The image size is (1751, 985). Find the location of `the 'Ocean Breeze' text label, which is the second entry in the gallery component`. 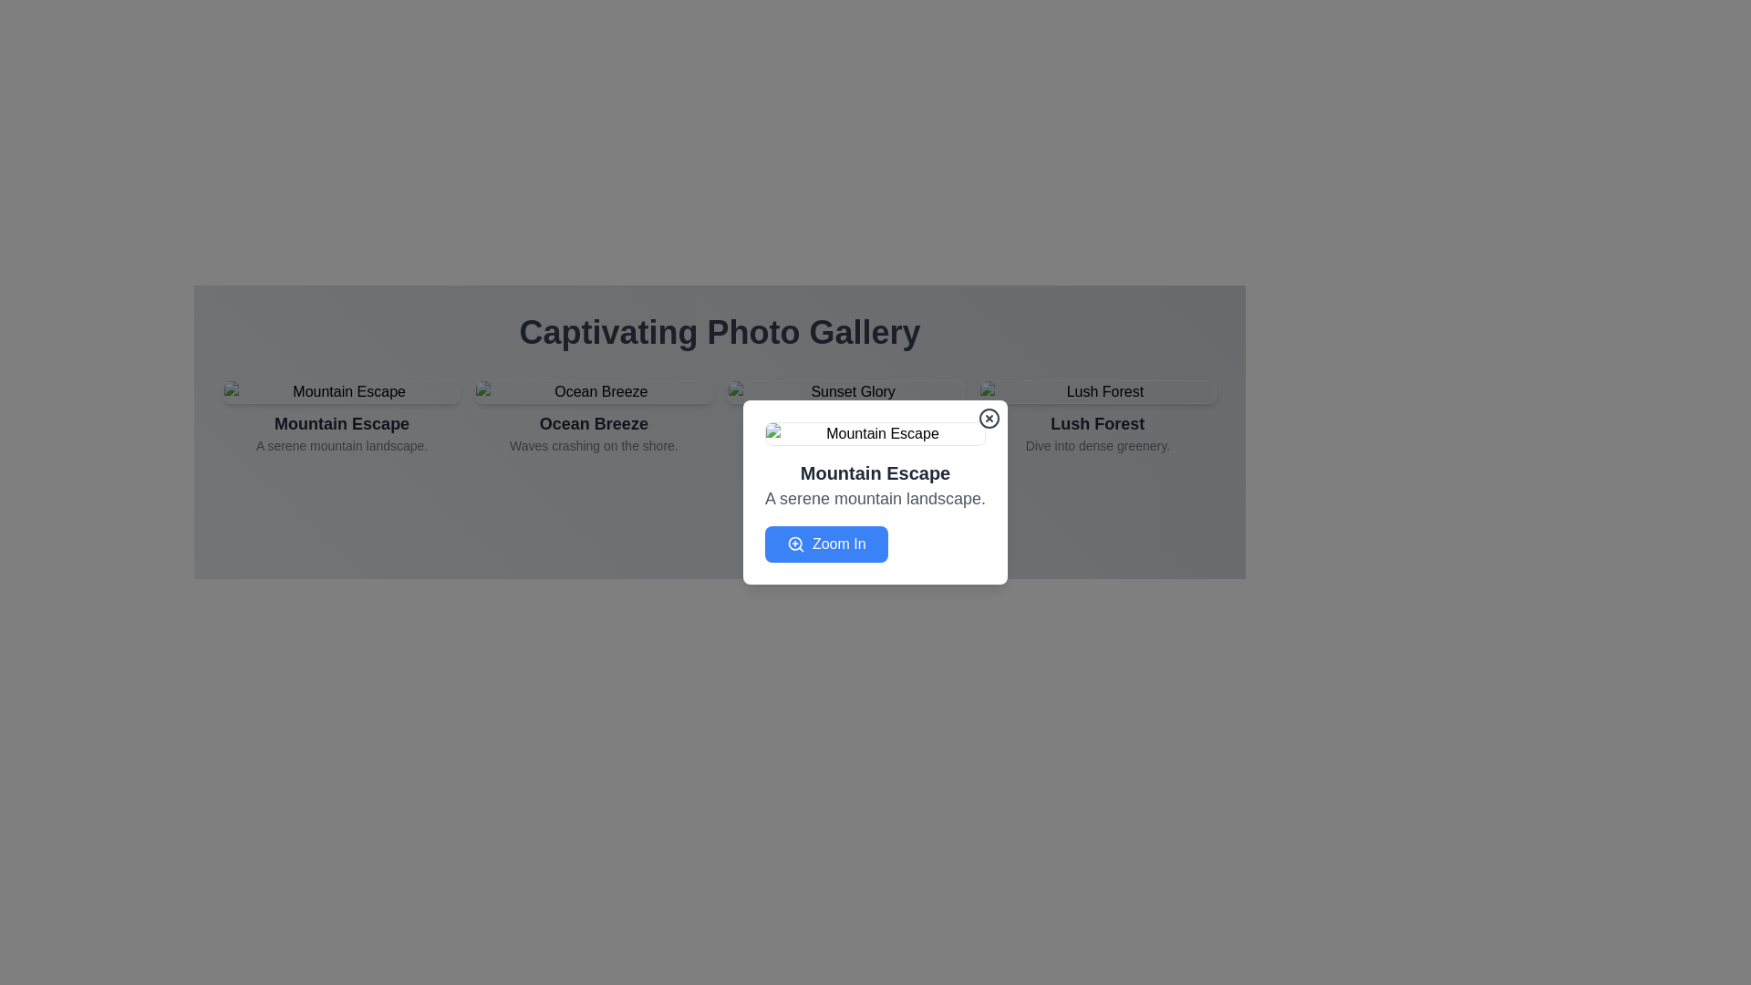

the 'Ocean Breeze' text label, which is the second entry in the gallery component is located at coordinates (594, 432).